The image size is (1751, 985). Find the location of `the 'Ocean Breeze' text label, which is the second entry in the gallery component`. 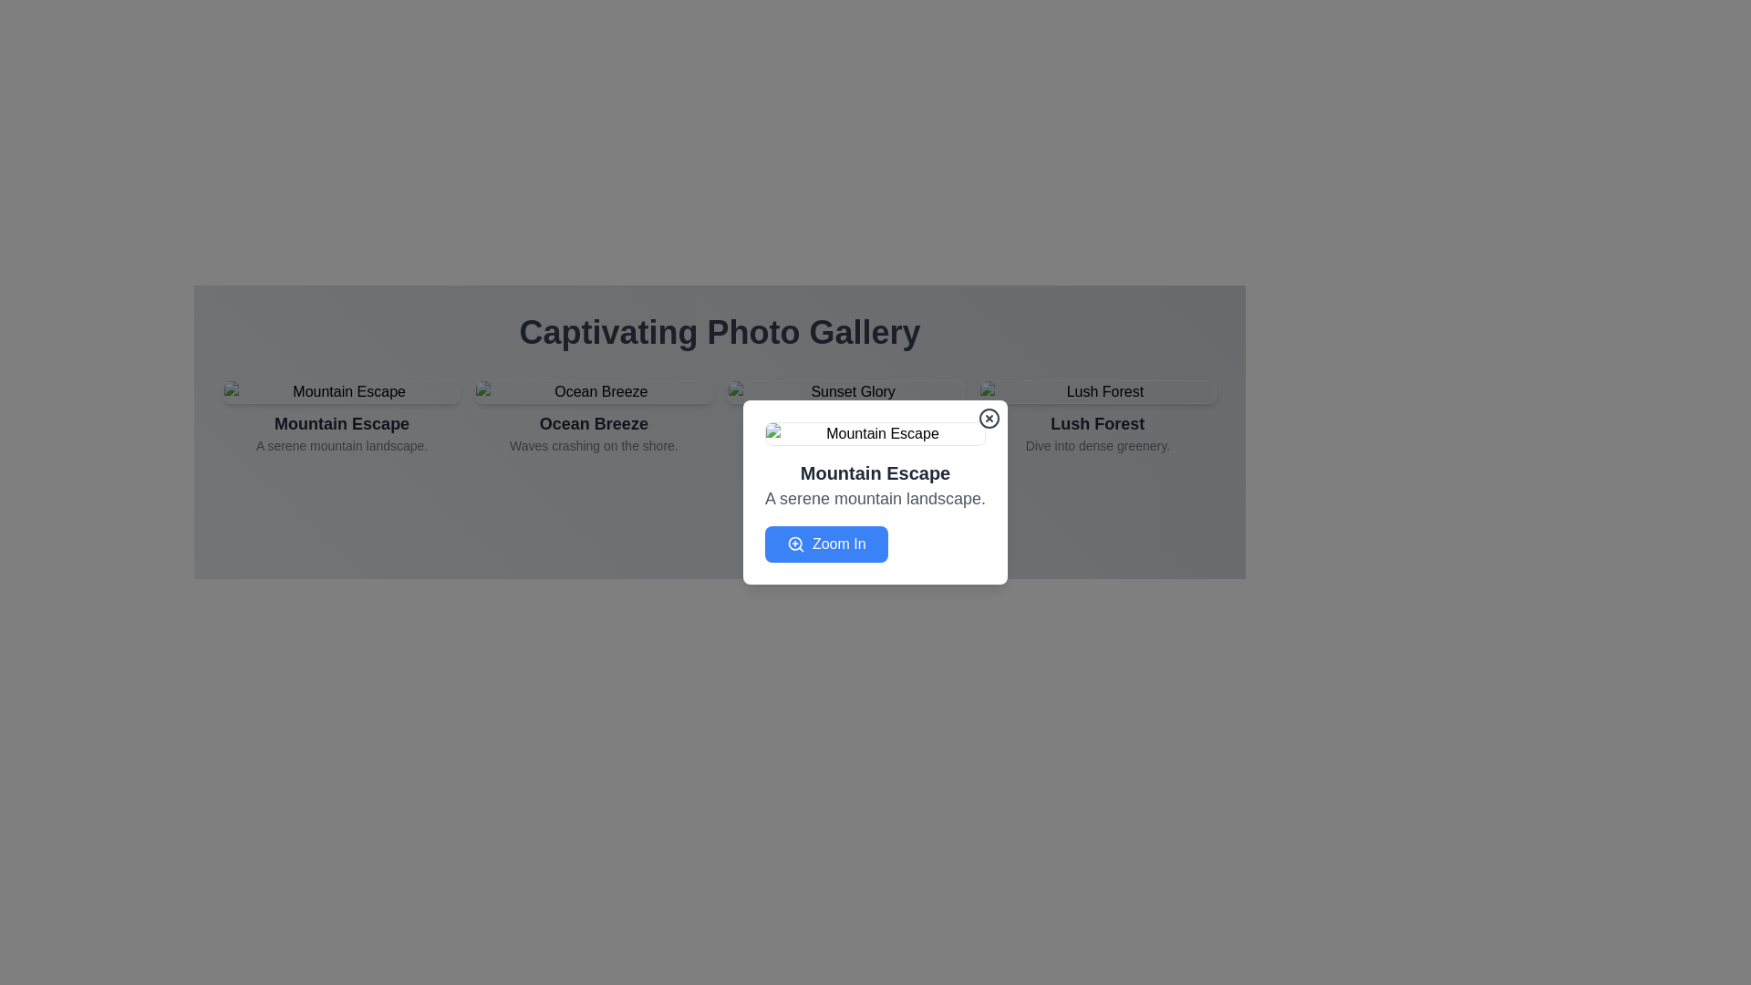

the 'Ocean Breeze' text label, which is the second entry in the gallery component is located at coordinates (594, 432).